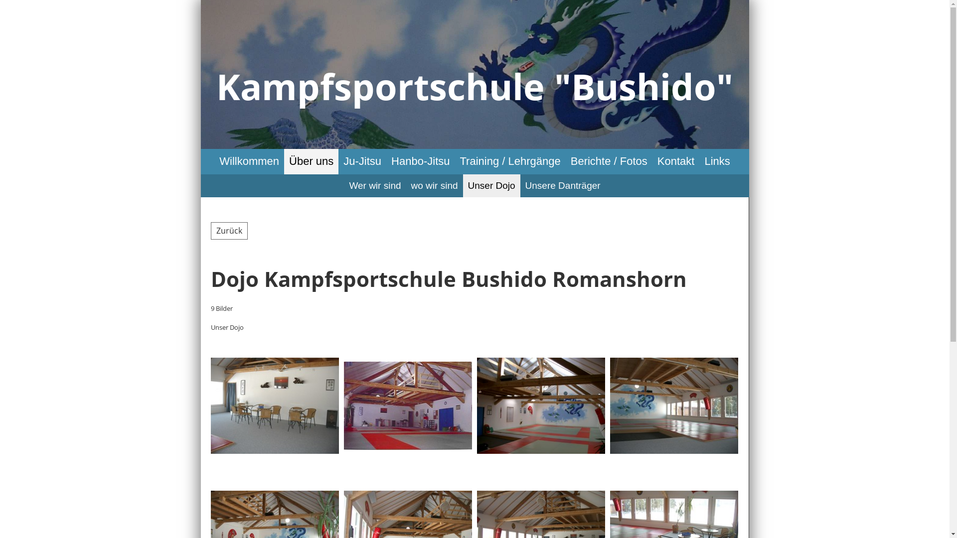 This screenshot has height=538, width=957. What do you see at coordinates (435, 186) in the screenshot?
I see `'wo wir sind'` at bounding box center [435, 186].